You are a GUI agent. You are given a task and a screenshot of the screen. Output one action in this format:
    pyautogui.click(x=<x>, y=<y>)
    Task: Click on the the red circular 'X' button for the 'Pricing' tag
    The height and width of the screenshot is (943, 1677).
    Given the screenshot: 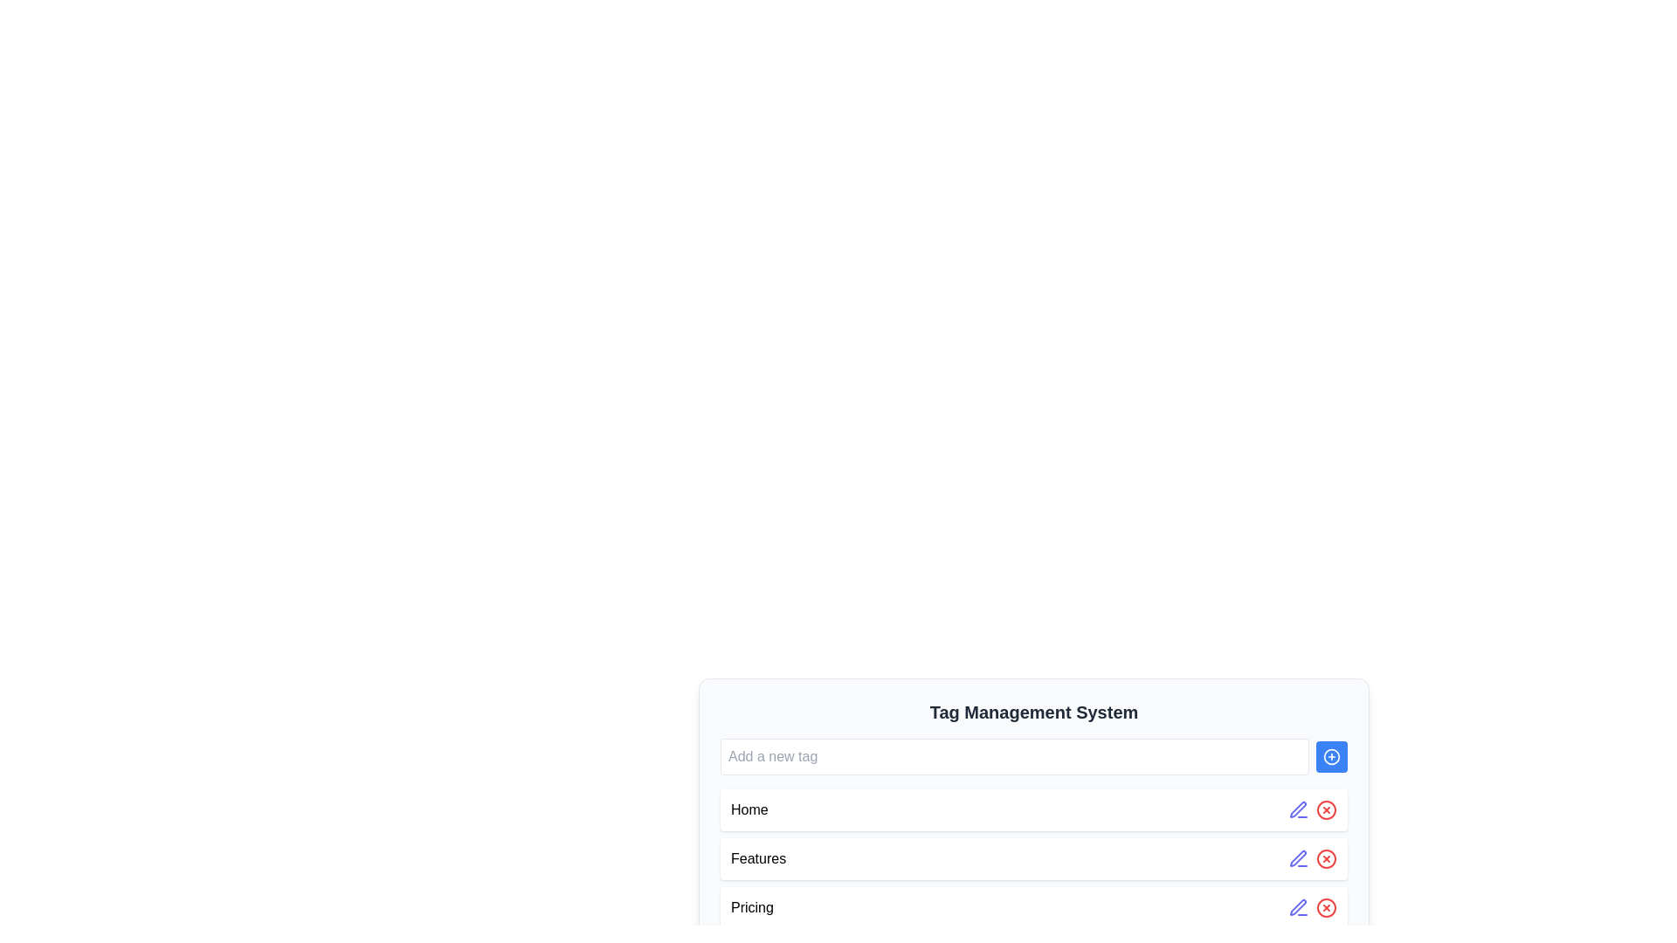 What is the action you would take?
    pyautogui.click(x=1326, y=857)
    